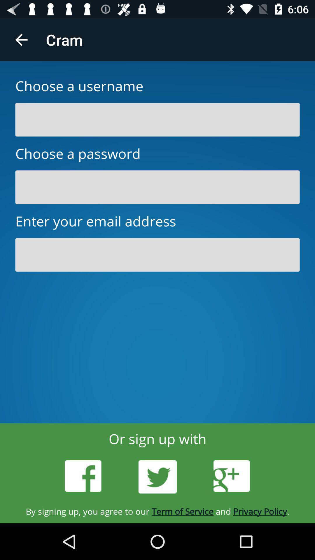  Describe the element at coordinates (231, 476) in the screenshot. I see `the icon below or sign up item` at that location.